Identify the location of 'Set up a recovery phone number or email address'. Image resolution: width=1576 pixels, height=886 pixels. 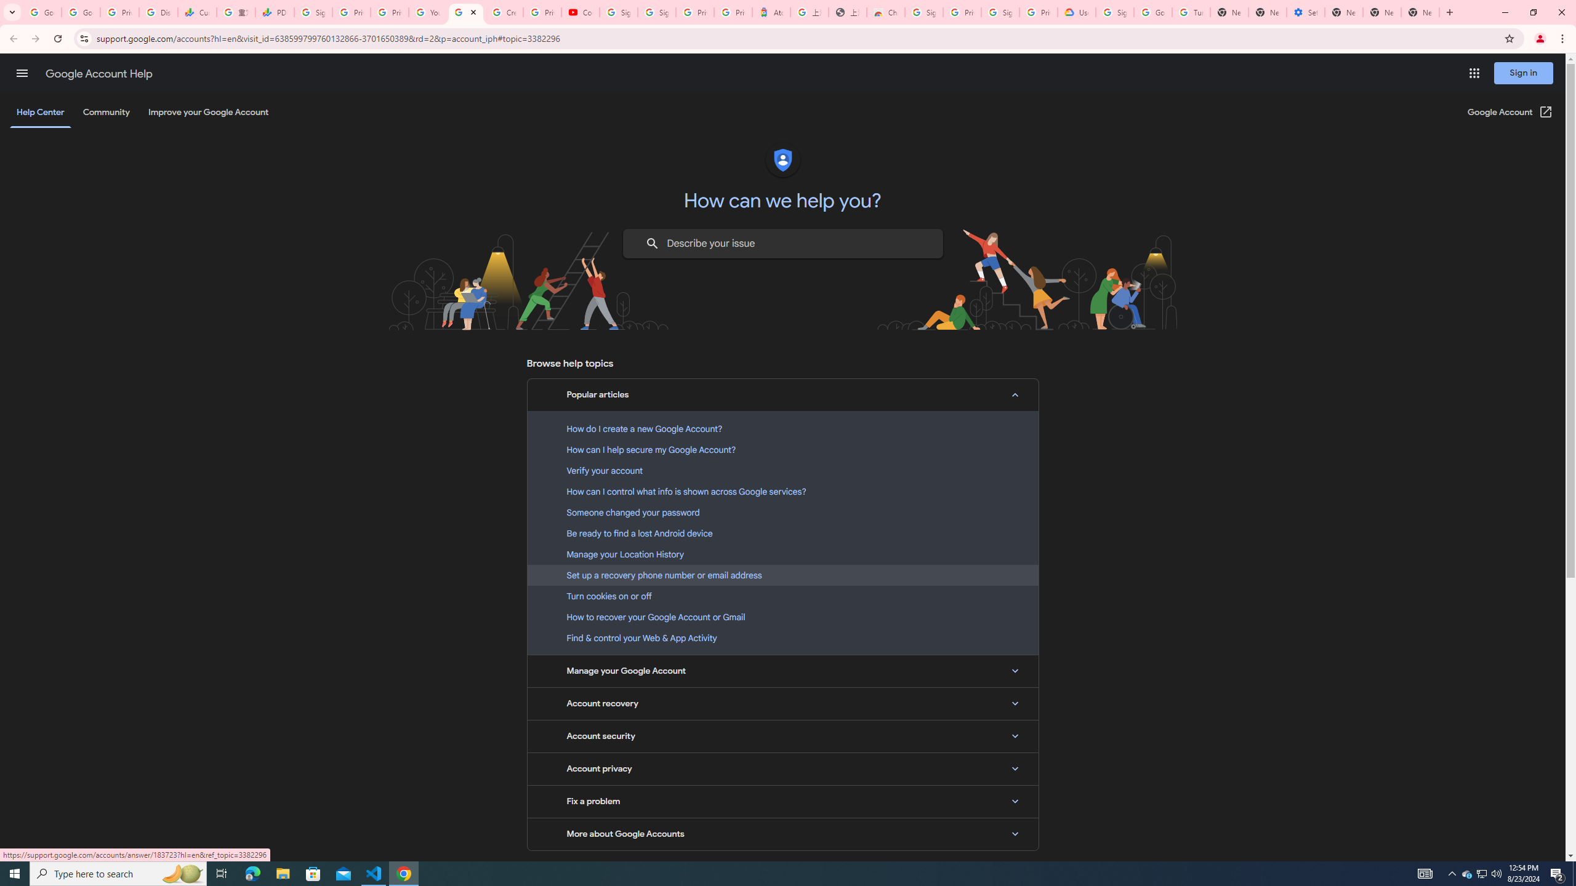
(782, 575).